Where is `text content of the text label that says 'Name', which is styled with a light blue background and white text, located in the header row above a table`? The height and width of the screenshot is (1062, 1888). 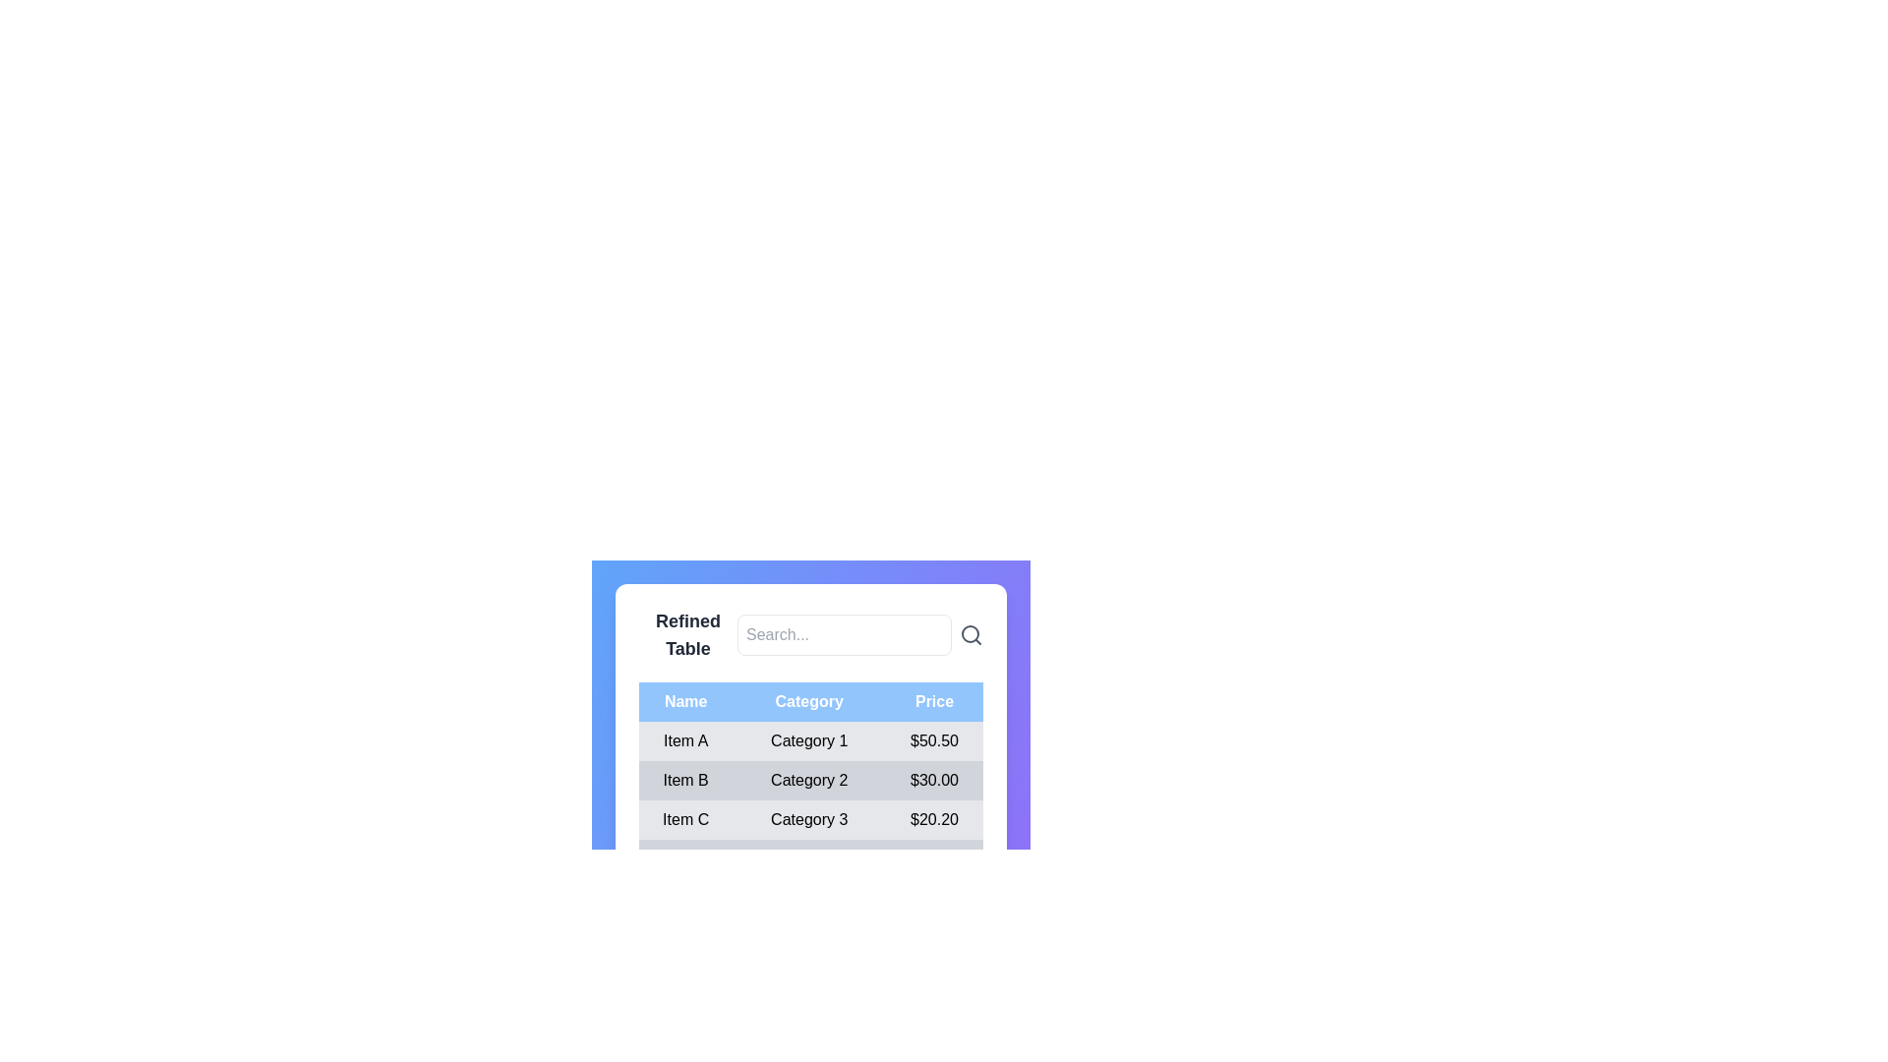 text content of the text label that says 'Name', which is styled with a light blue background and white text, located in the header row above a table is located at coordinates (685, 700).